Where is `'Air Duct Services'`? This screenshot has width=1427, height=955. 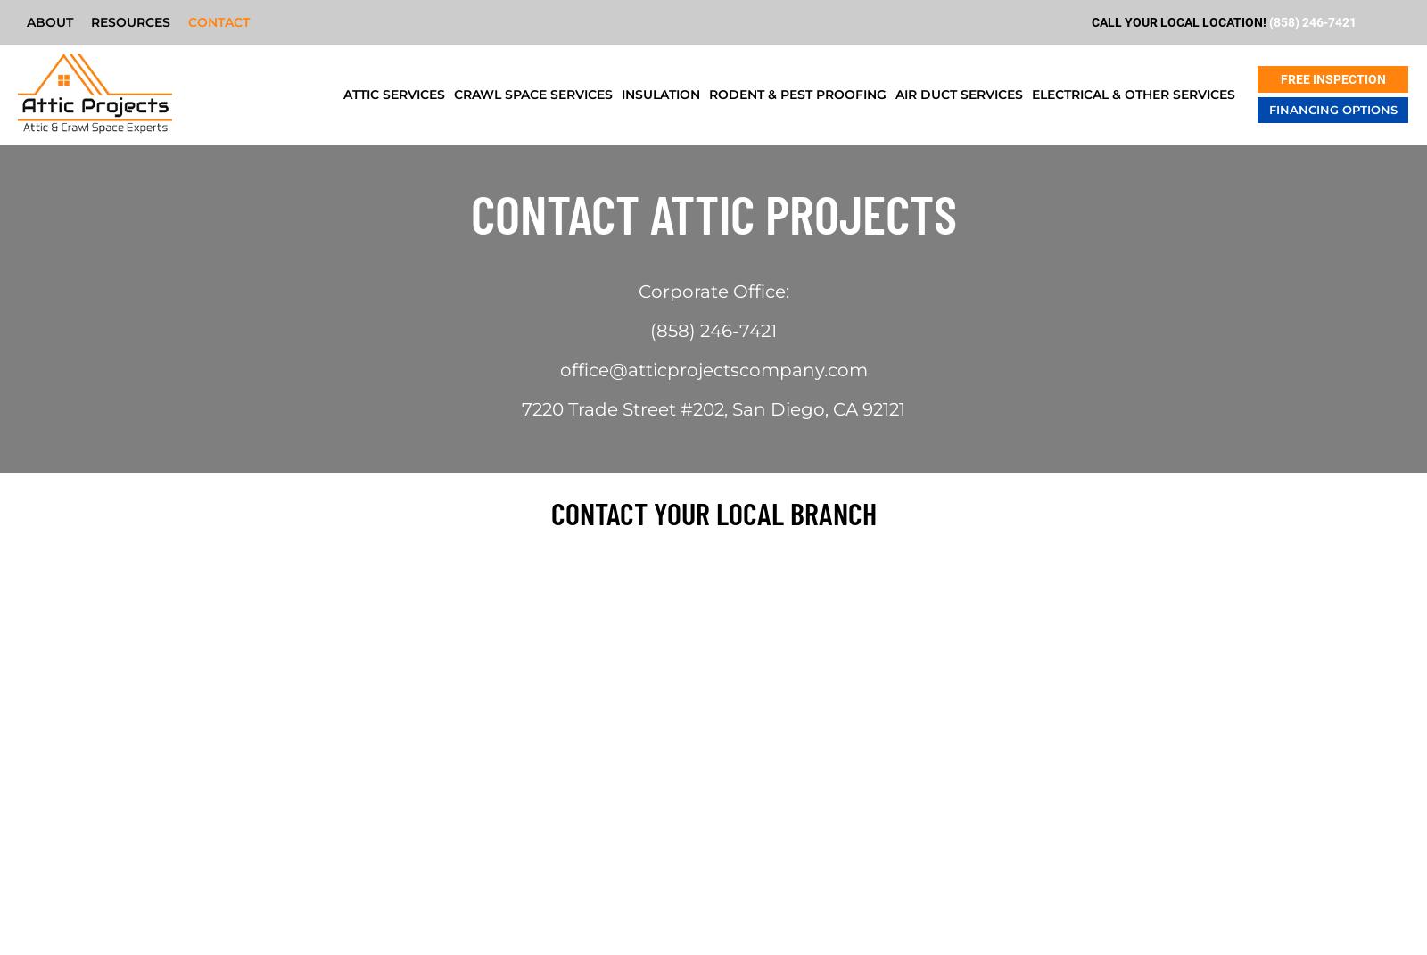 'Air Duct Services' is located at coordinates (959, 95).